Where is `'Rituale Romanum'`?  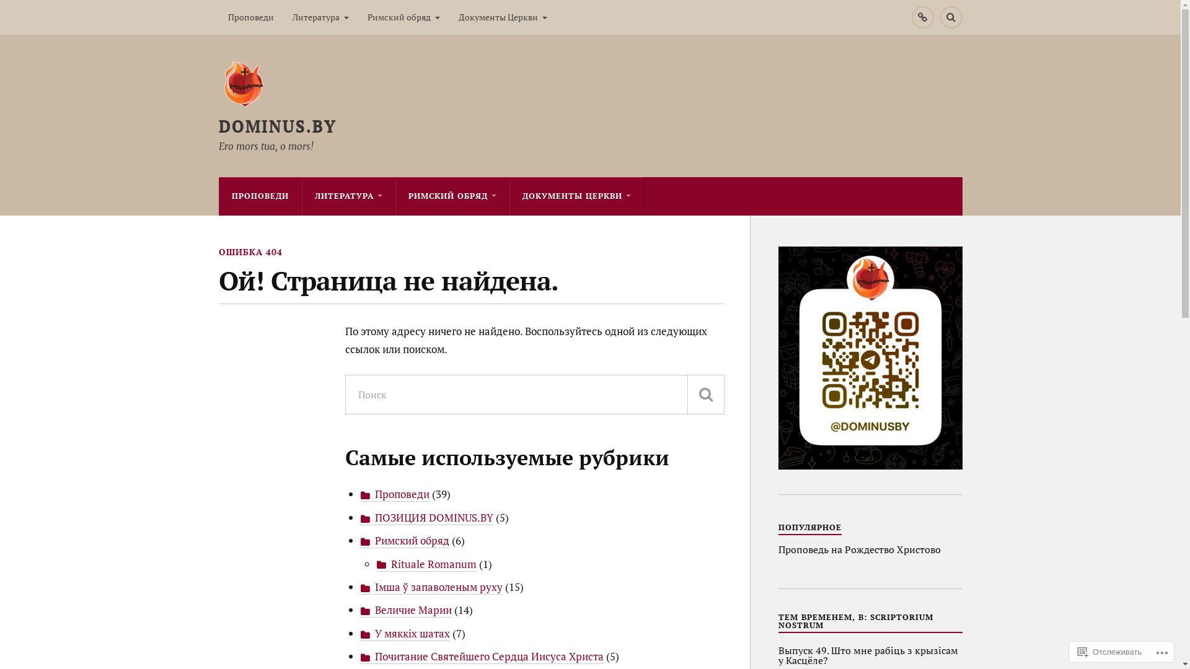
'Rituale Romanum' is located at coordinates (376, 564).